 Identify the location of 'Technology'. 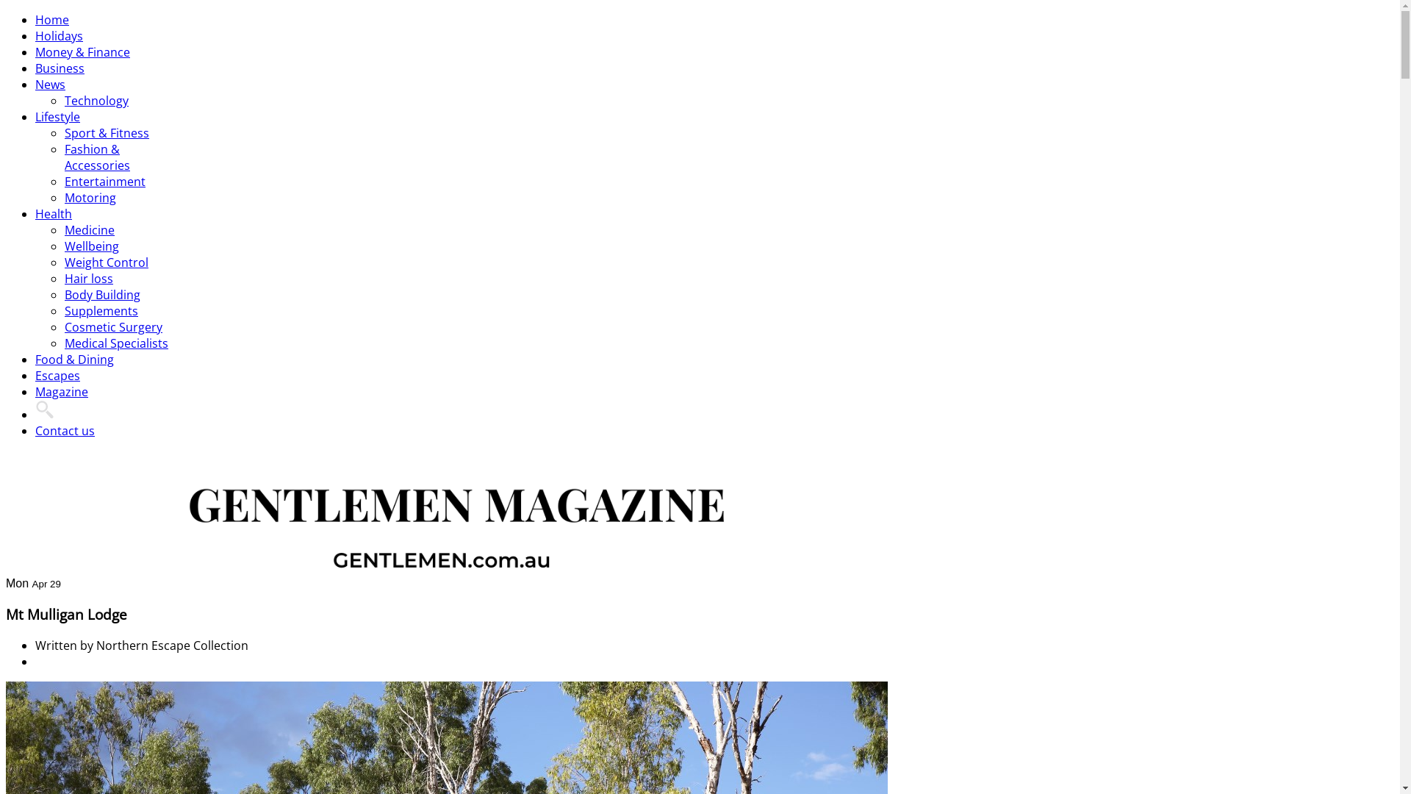
(96, 100).